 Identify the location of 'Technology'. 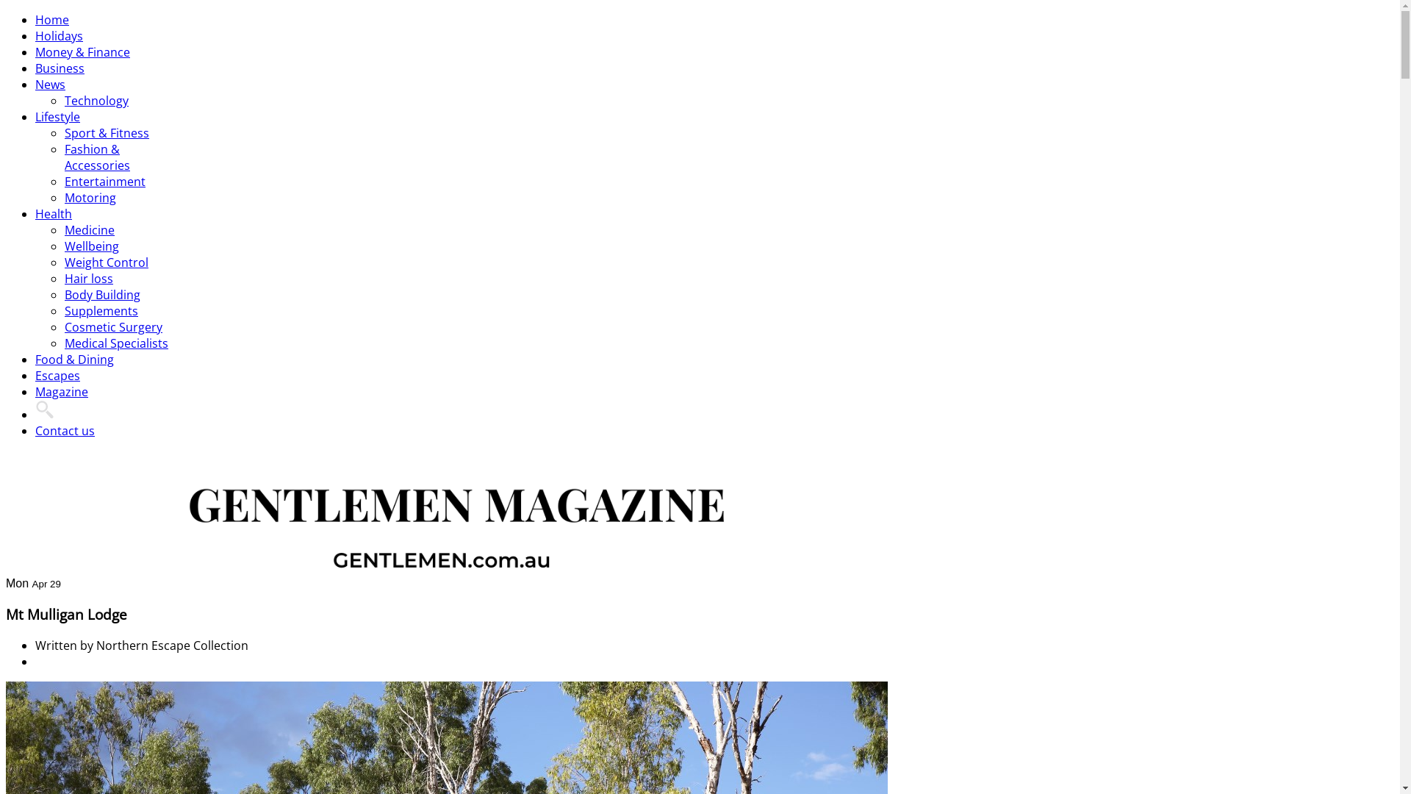
(96, 100).